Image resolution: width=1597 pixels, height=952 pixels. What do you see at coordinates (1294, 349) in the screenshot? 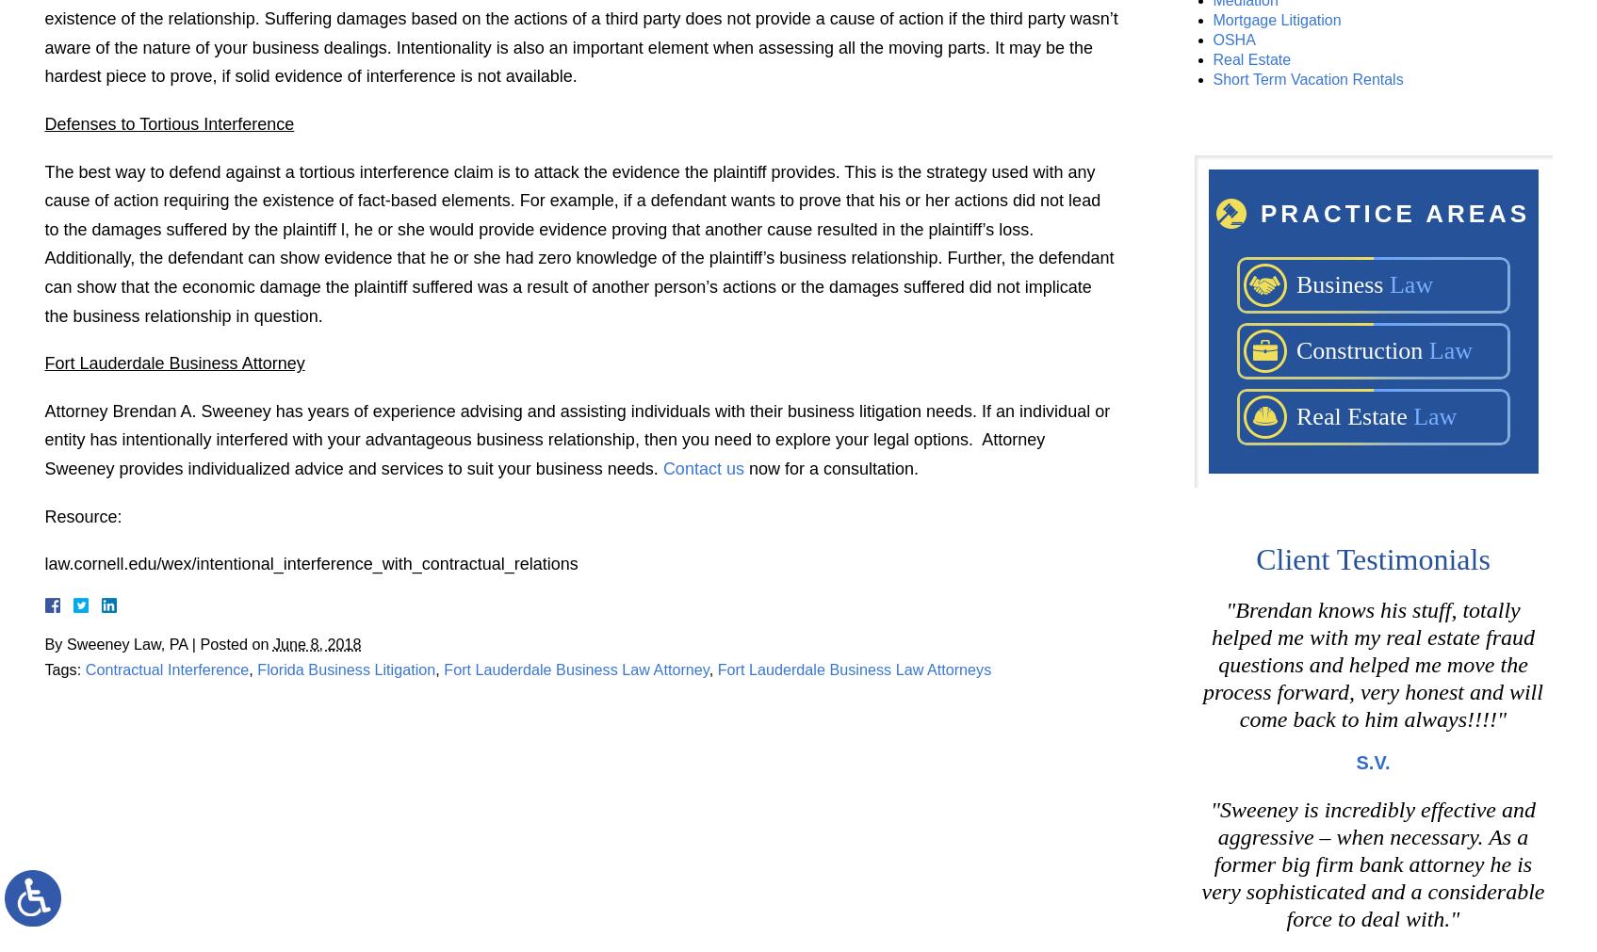
I see `'Construction'` at bounding box center [1294, 349].